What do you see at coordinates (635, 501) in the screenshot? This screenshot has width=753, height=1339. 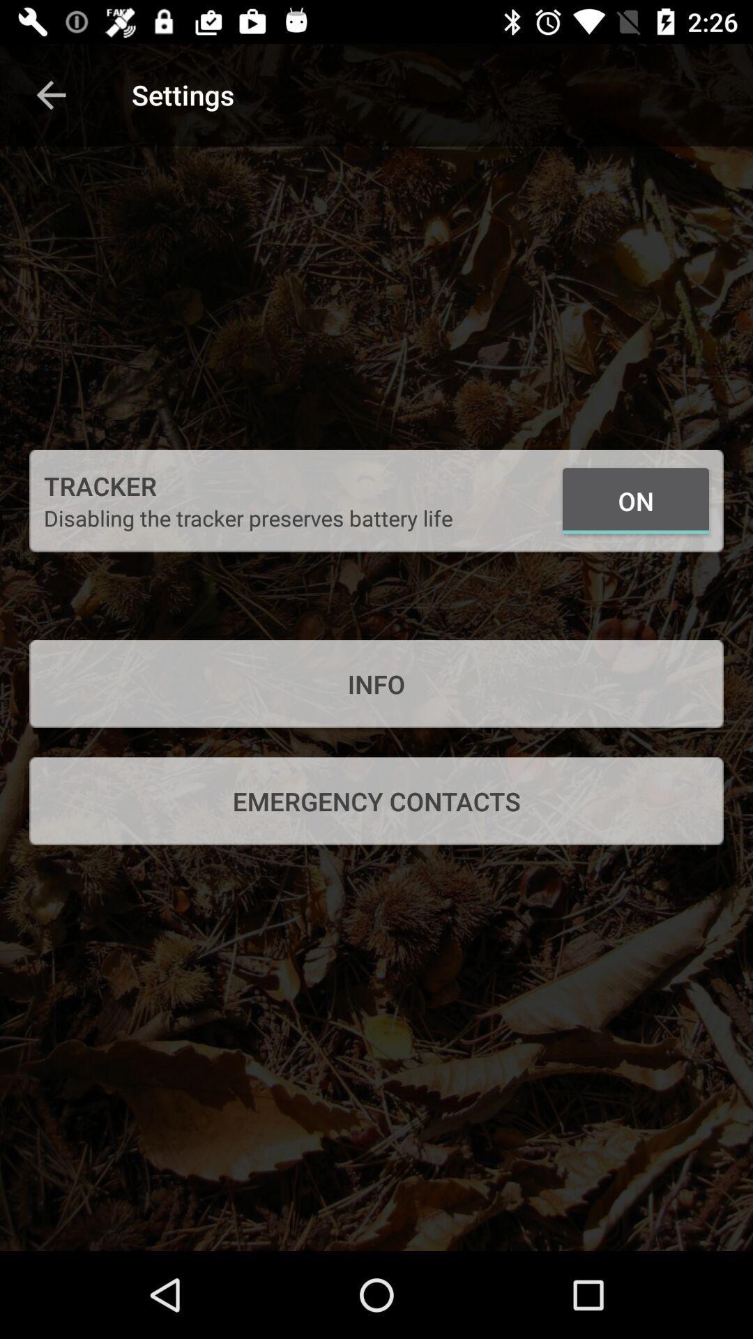 I see `the icon to the right of the disabling the tracker` at bounding box center [635, 501].